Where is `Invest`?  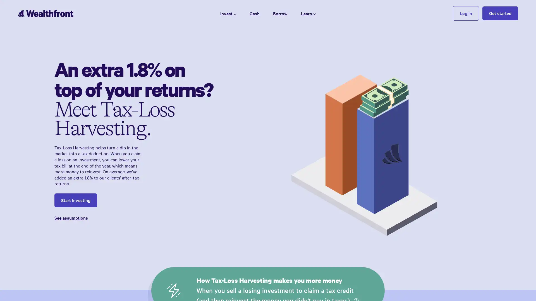 Invest is located at coordinates (228, 13).